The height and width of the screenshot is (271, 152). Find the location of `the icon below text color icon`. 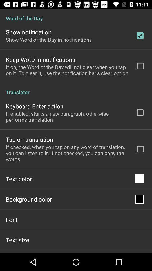

the icon below text color icon is located at coordinates (29, 199).